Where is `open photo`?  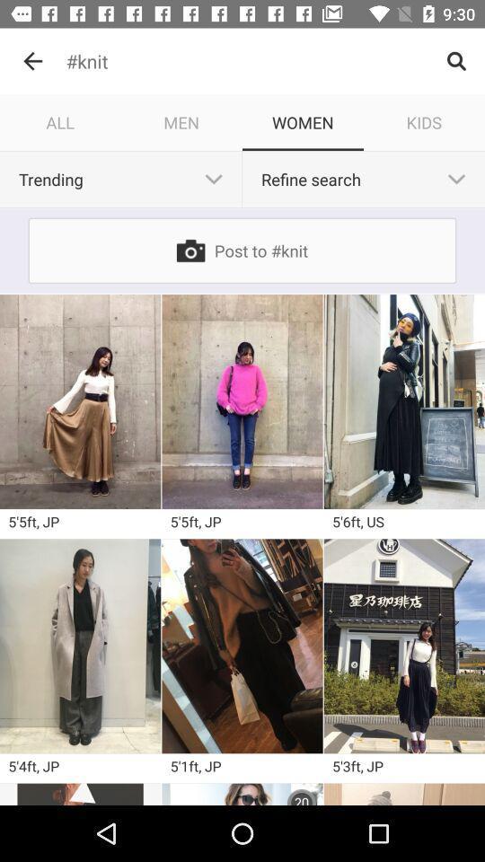
open photo is located at coordinates (242, 401).